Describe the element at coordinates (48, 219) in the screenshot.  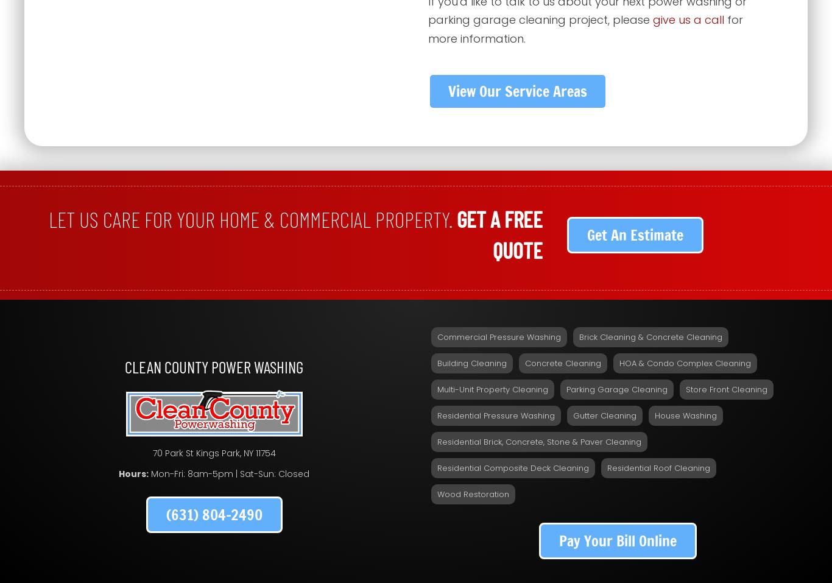
I see `'Let Us Care For Your Home & Commercial Property.'` at that location.